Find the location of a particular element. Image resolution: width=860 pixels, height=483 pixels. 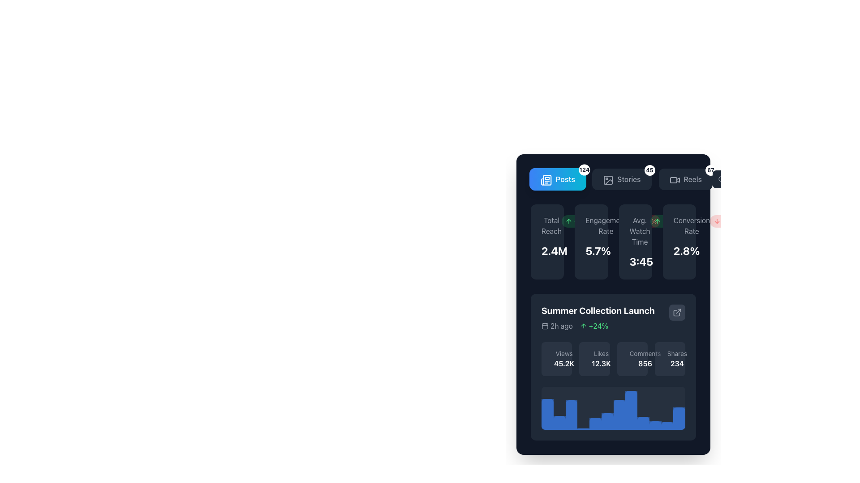

the last bar in the histogram chart, which represents a specific data point in the sequence of bars is located at coordinates (679, 418).